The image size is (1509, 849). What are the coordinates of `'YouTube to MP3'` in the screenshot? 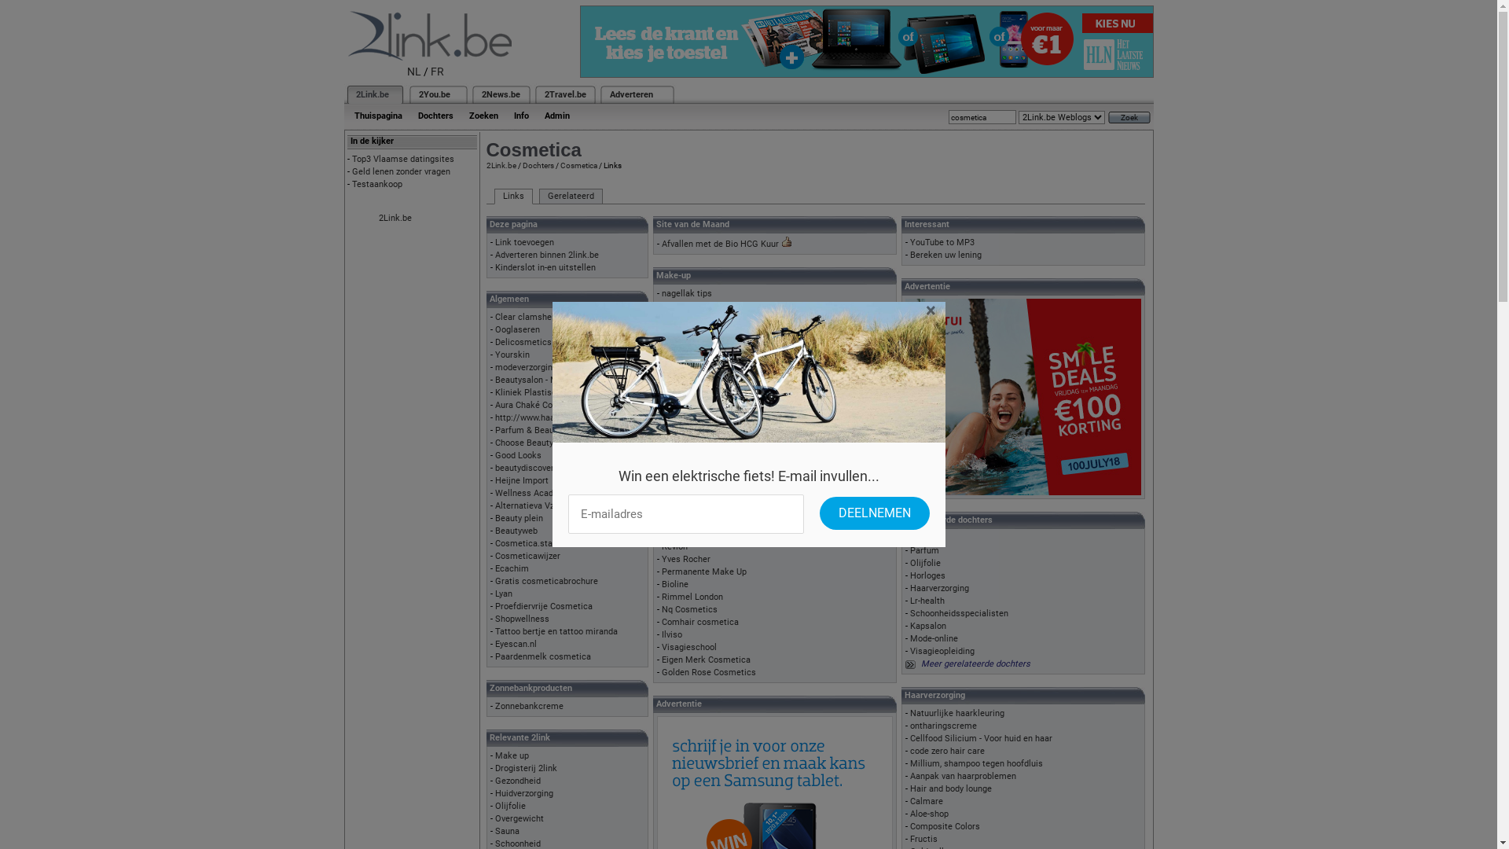 It's located at (942, 242).